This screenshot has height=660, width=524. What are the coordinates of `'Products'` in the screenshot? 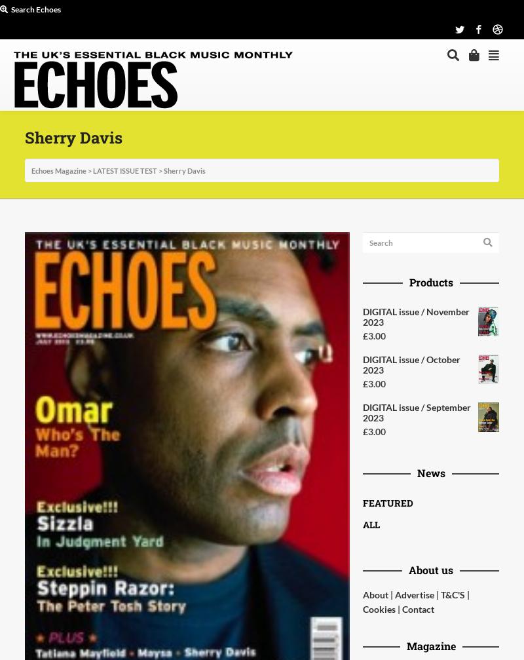 It's located at (430, 282).